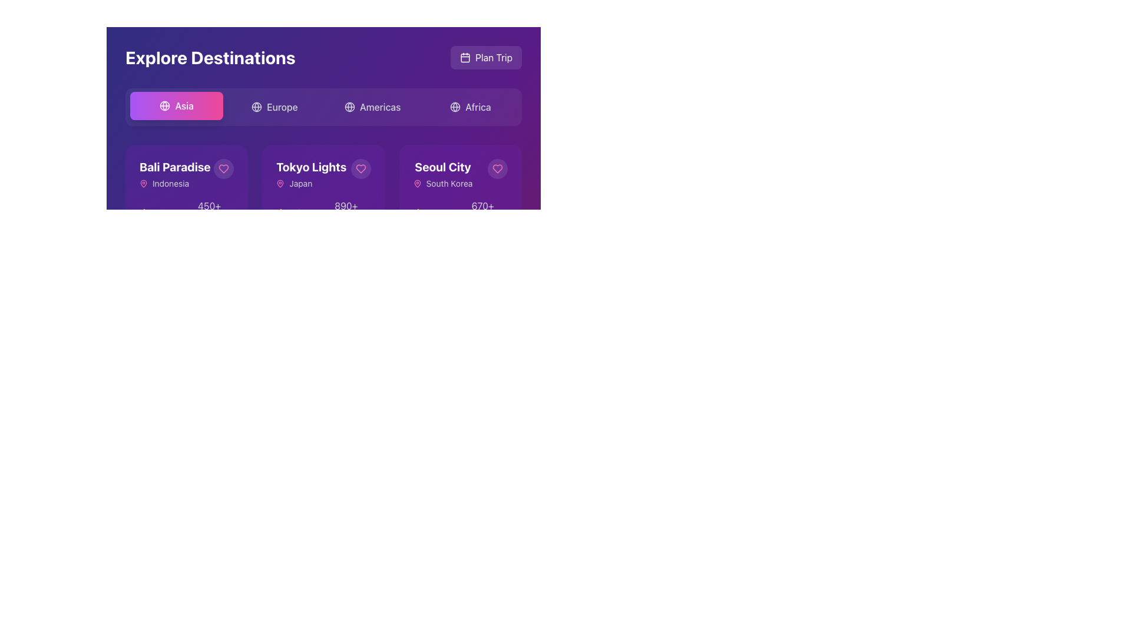  What do you see at coordinates (174, 184) in the screenshot?
I see `the location label element indicating 'Indonesia' below the title 'Bali Paradise' by moving the cursor to its center` at bounding box center [174, 184].